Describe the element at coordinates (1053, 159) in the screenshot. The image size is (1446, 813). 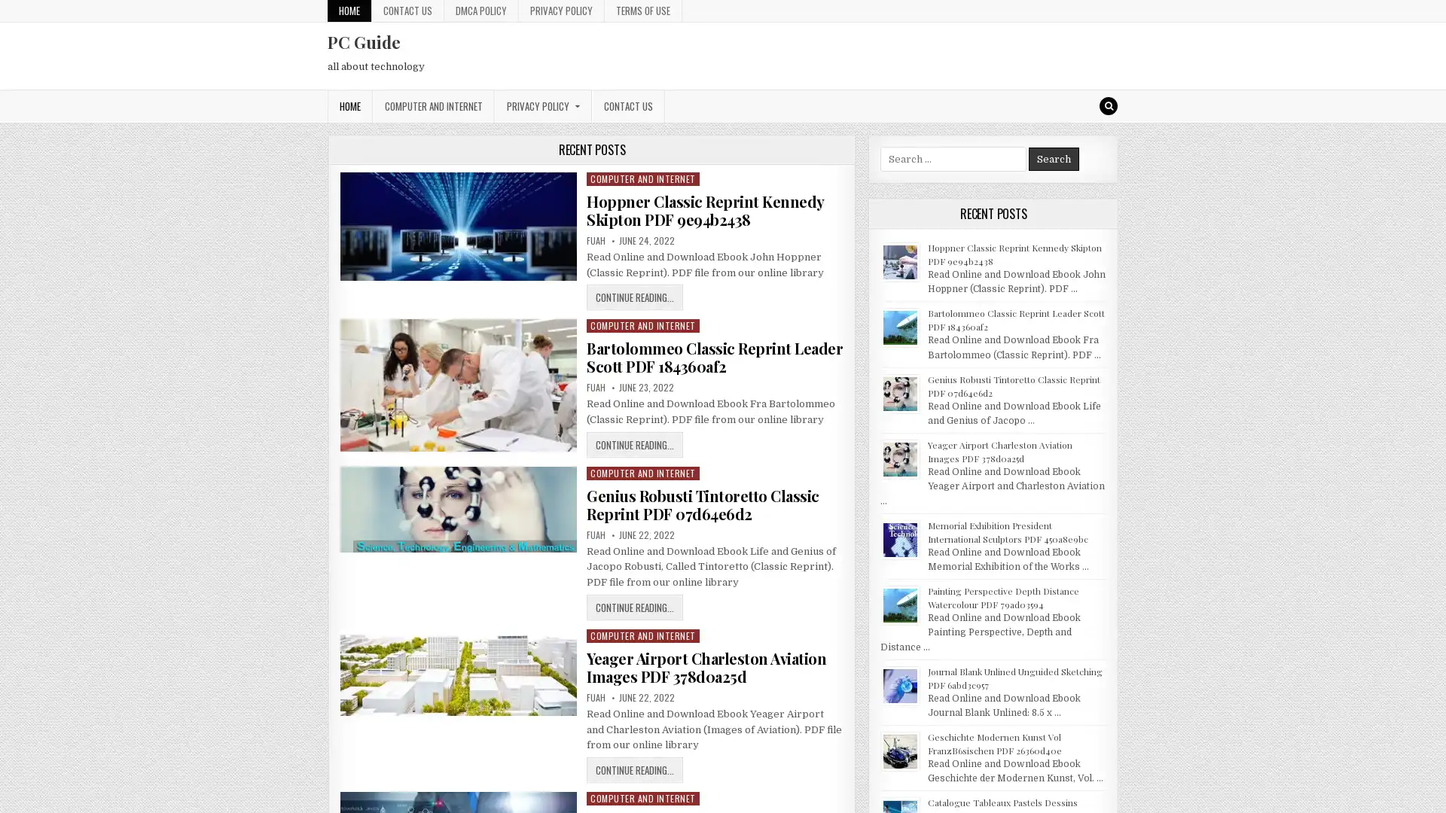
I see `Search` at that location.